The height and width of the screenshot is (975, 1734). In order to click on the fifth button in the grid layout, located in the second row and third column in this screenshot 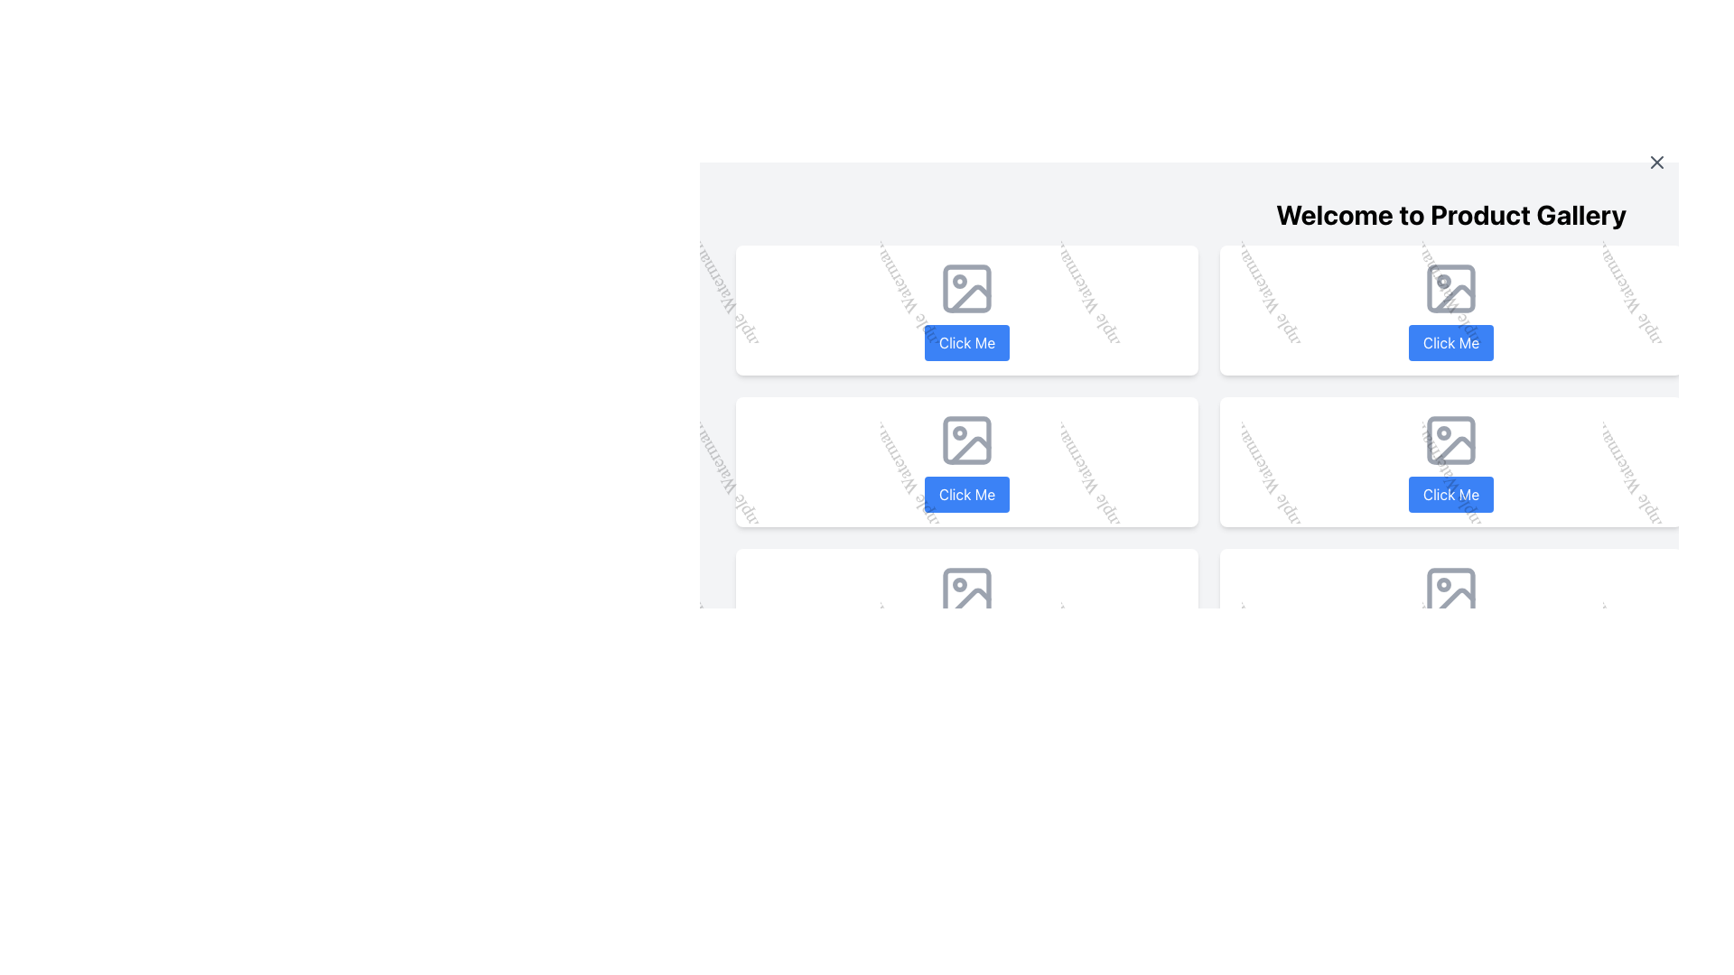, I will do `click(965, 494)`.